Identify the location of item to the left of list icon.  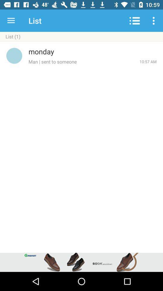
(11, 21).